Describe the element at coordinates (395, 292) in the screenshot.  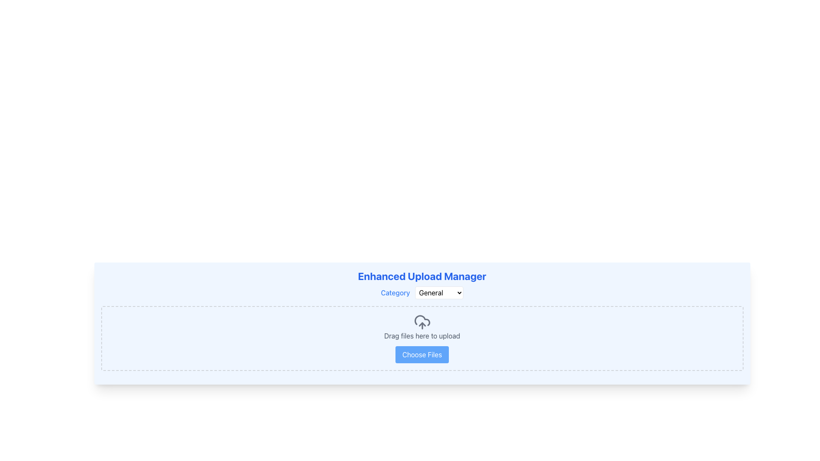
I see `the label displaying 'Category' in blue font, which is located to the left of the dropdown labeled 'General'` at that location.